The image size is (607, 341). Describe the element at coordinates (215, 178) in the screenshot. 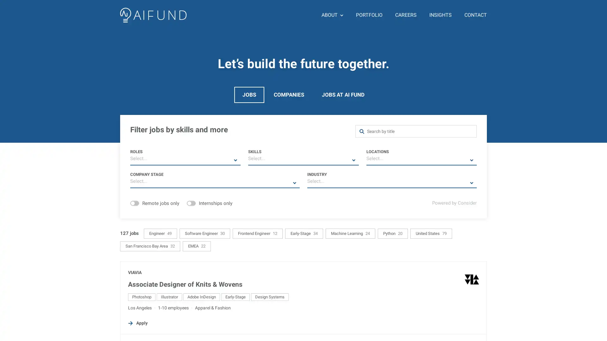

I see `COMPANY STAGE Select...` at that location.